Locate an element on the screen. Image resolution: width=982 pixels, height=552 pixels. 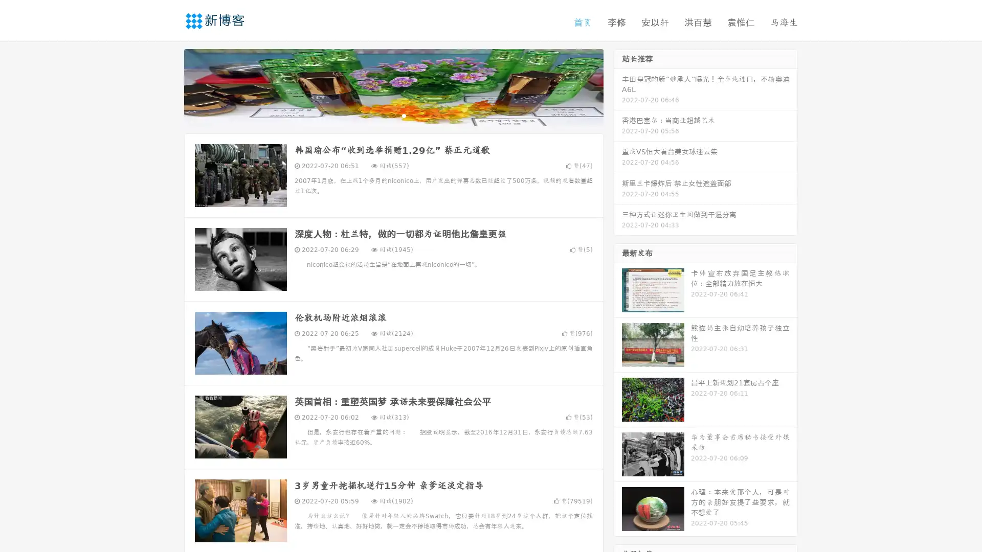
Next slide is located at coordinates (618, 86).